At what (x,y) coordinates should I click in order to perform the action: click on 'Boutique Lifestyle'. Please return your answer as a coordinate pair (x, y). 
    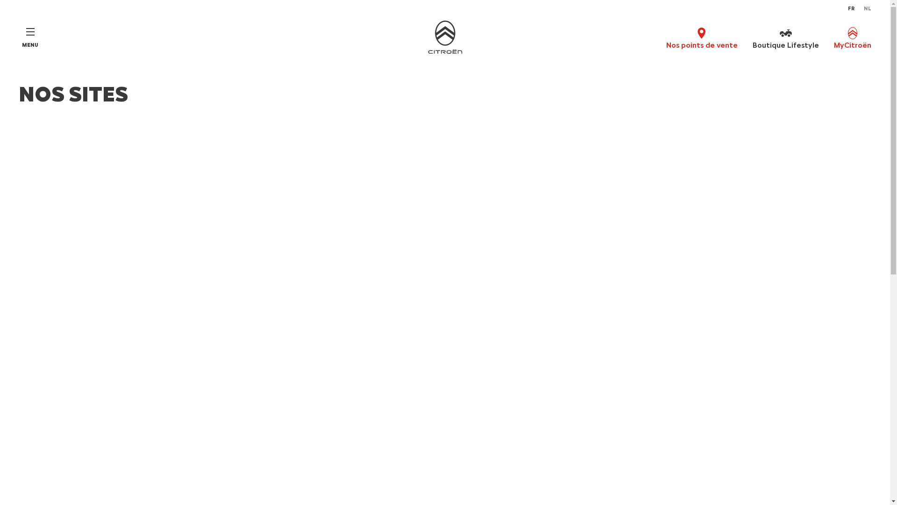
    Looking at the image, I should click on (785, 37).